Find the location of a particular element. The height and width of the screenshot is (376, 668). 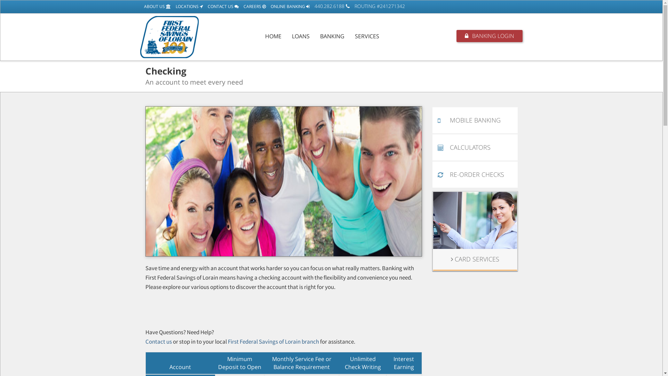

'BANKING' is located at coordinates (332, 36).